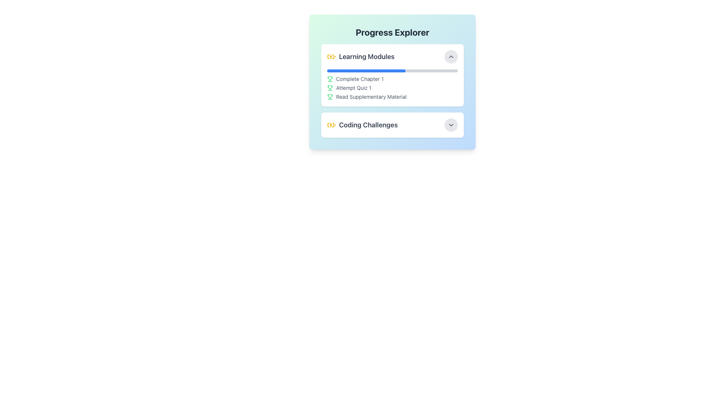 The height and width of the screenshot is (401, 713). What do you see at coordinates (392, 79) in the screenshot?
I see `the green trophy icon in the 'Complete Chapter 1' text label element located at the top of the 'Learning Modules' section` at bounding box center [392, 79].